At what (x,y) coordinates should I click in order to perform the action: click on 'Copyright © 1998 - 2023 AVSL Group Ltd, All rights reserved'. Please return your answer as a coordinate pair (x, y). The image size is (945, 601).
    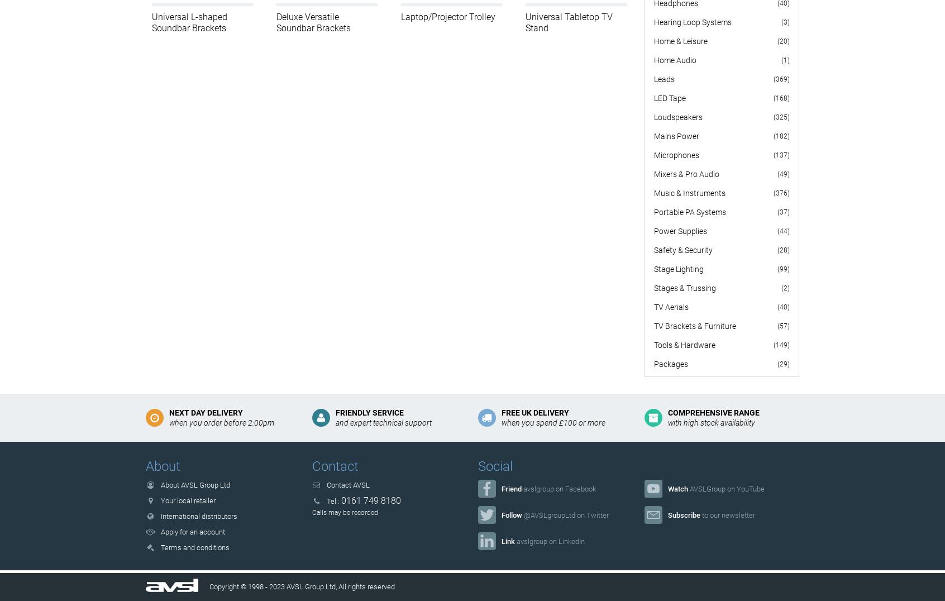
    Looking at the image, I should click on (301, 586).